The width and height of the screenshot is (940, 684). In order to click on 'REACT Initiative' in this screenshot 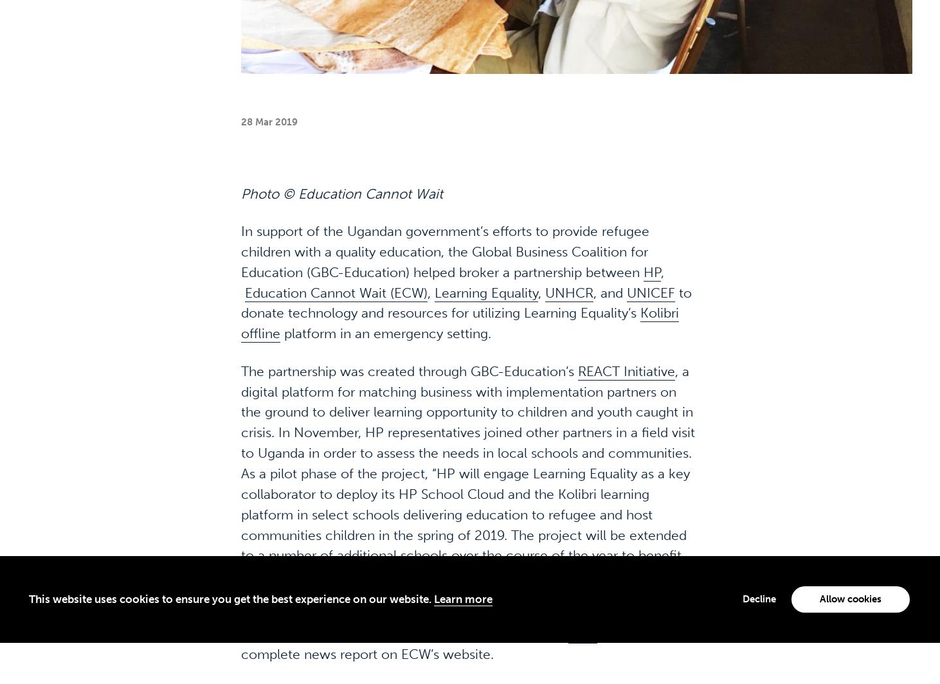, I will do `click(626, 329)`.